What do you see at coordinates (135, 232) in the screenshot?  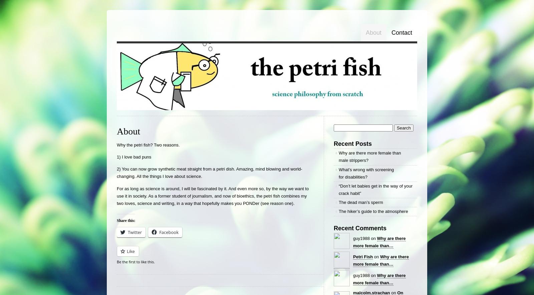 I see `'Twitter'` at bounding box center [135, 232].